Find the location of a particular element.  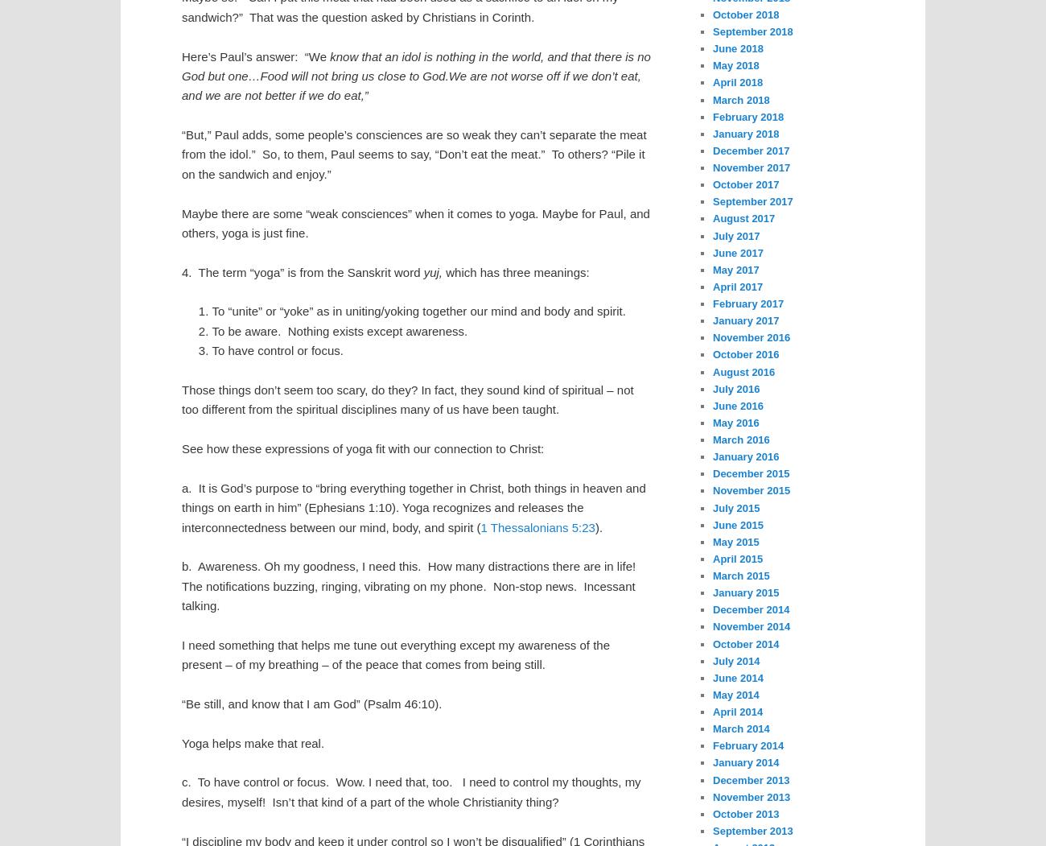

'February 2018' is located at coordinates (748, 115).